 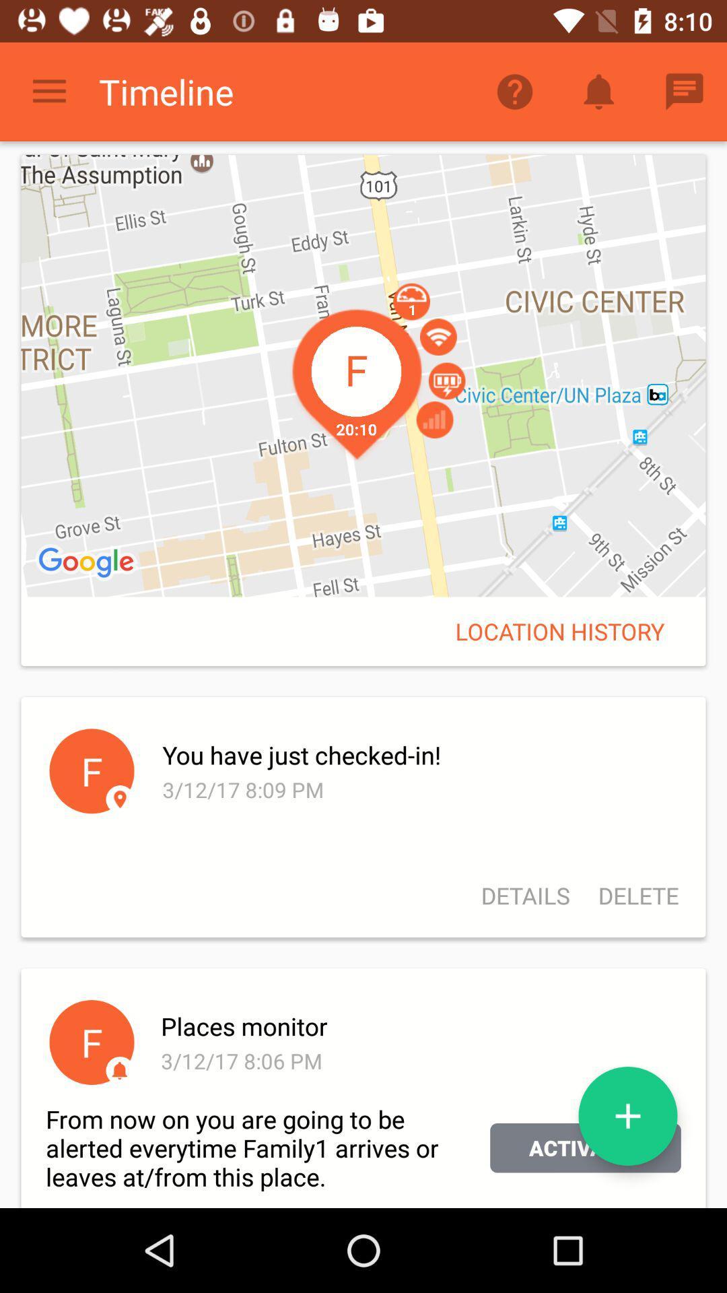 I want to click on the icon above places monitor icon, so click(x=631, y=896).